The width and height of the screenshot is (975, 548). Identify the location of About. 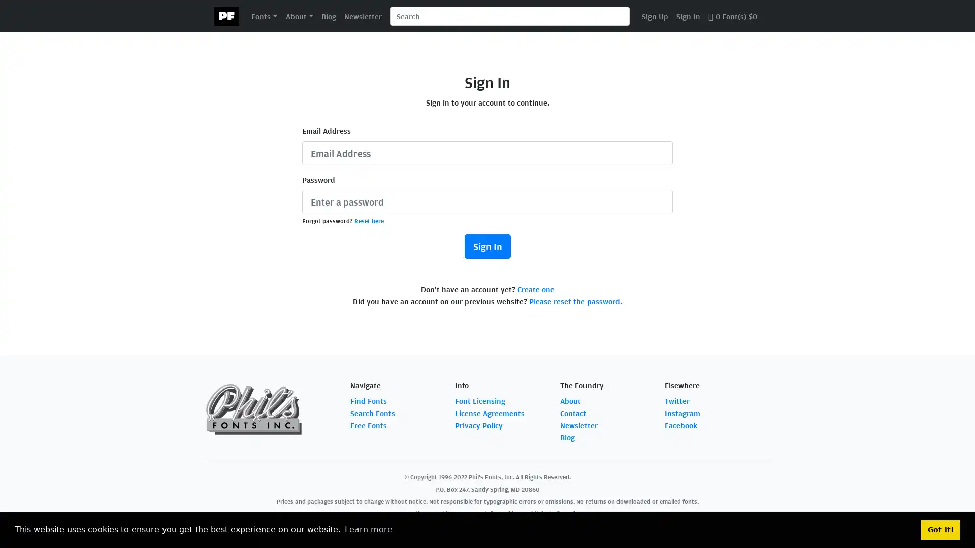
(299, 15).